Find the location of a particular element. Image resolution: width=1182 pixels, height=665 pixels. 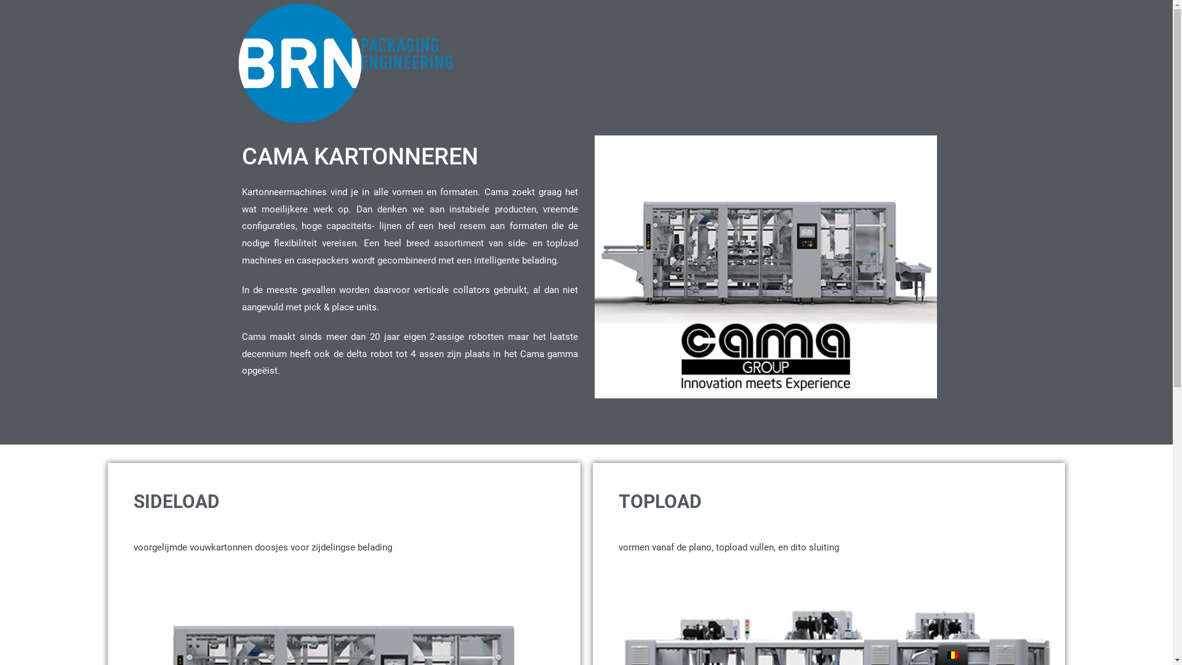

'PRODUCTEN' is located at coordinates (561, 44).